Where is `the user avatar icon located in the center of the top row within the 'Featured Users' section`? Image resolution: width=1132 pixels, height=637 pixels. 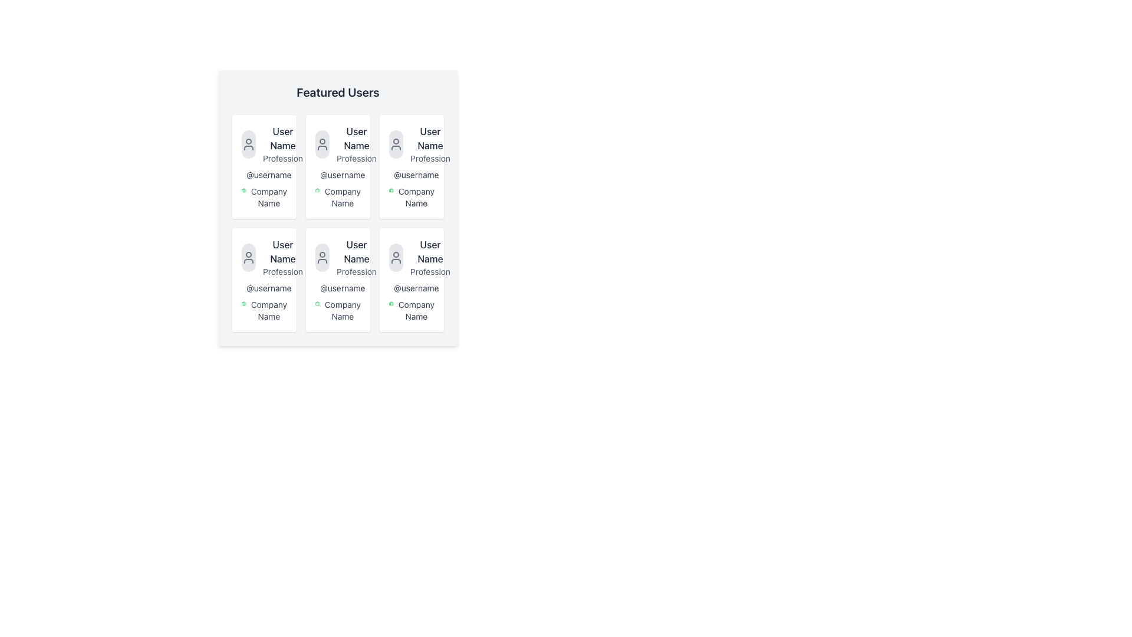 the user avatar icon located in the center of the top row within the 'Featured Users' section is located at coordinates (323, 144).